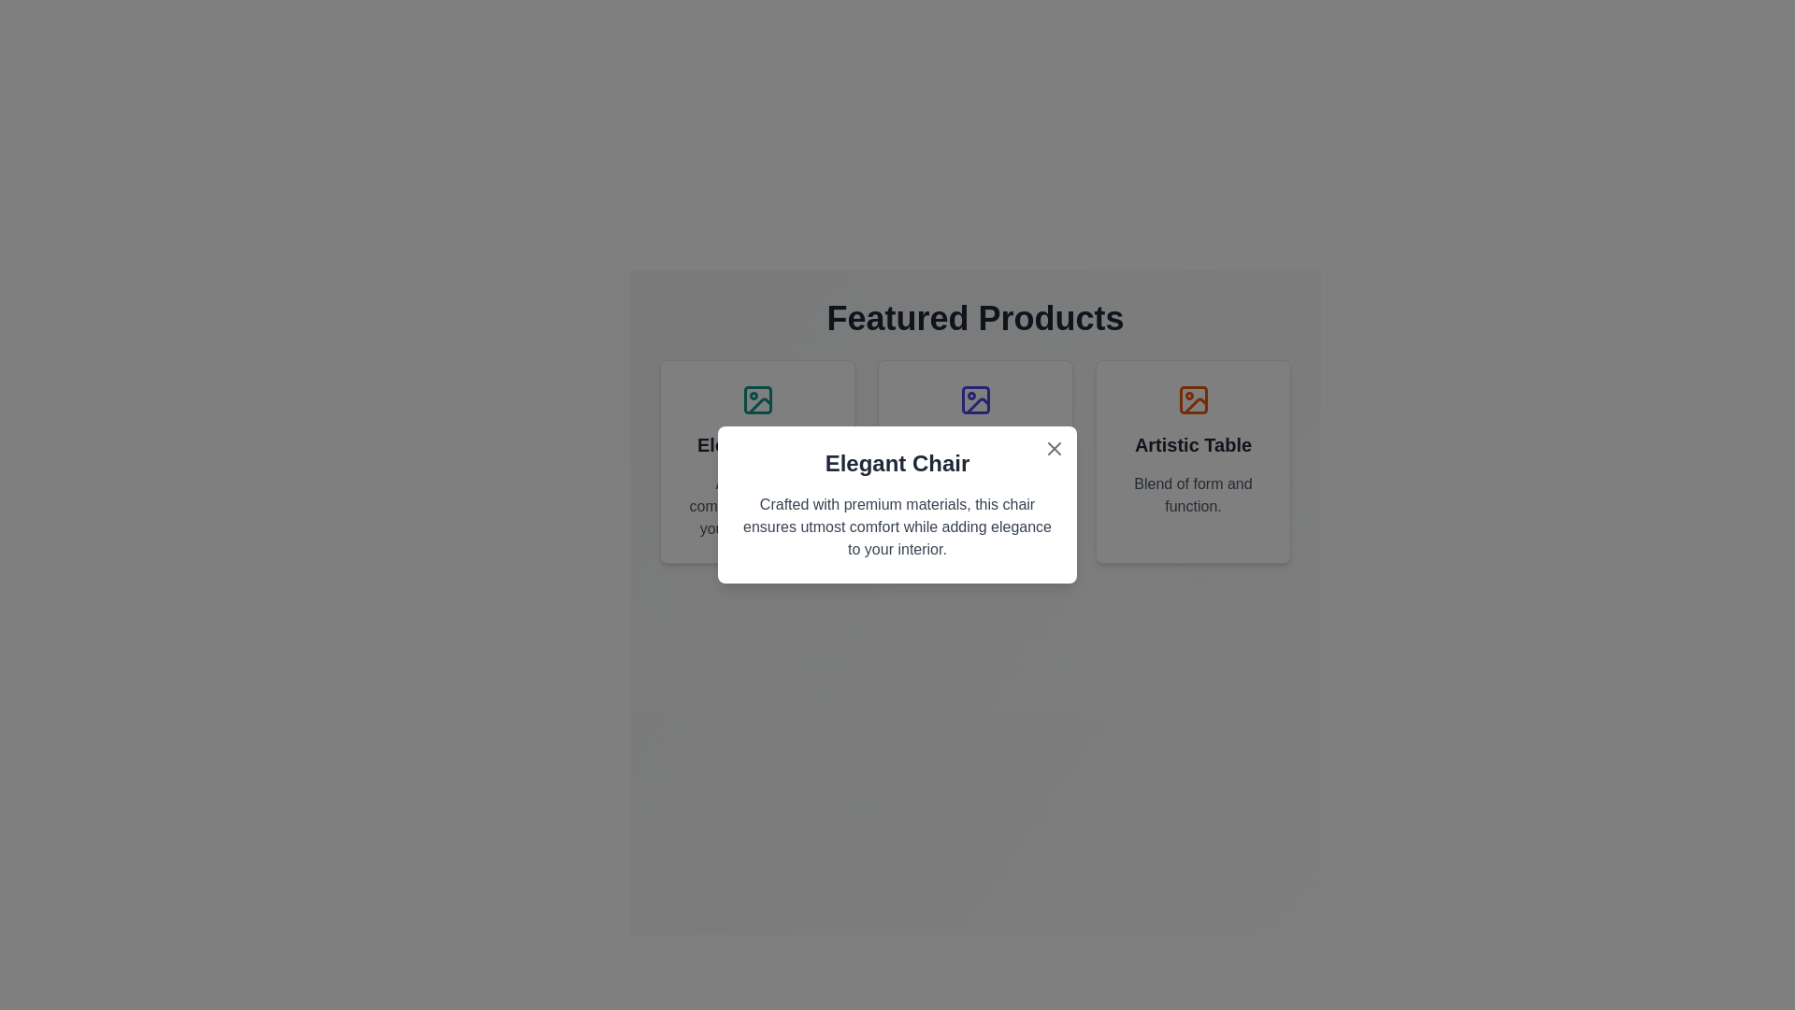 The image size is (1795, 1010). Describe the element at coordinates (974, 317) in the screenshot. I see `the header text reading 'Featured Products', which is styled in a large, bold, gray font and is centered above the product grid layout` at that location.